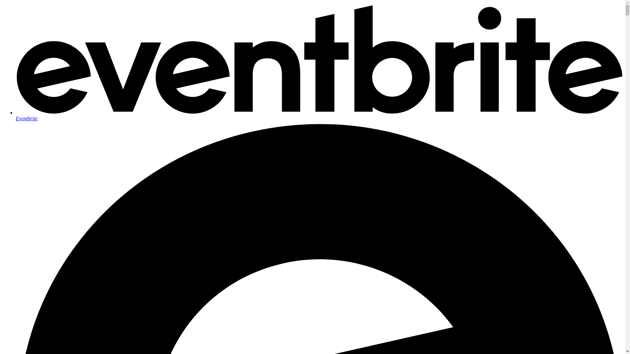 This screenshot has width=630, height=354. I want to click on 'Eventbrite', so click(319, 115).